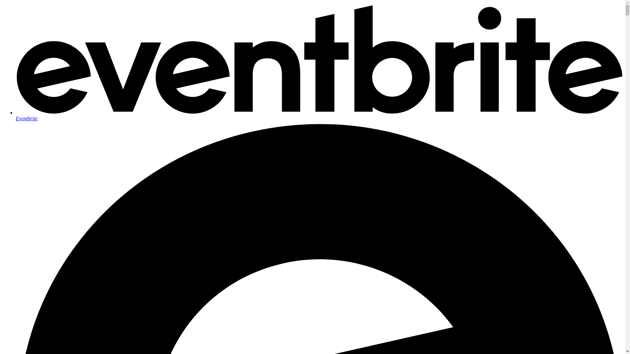 This screenshot has width=630, height=354. I want to click on 'Eventbrite', so click(319, 115).